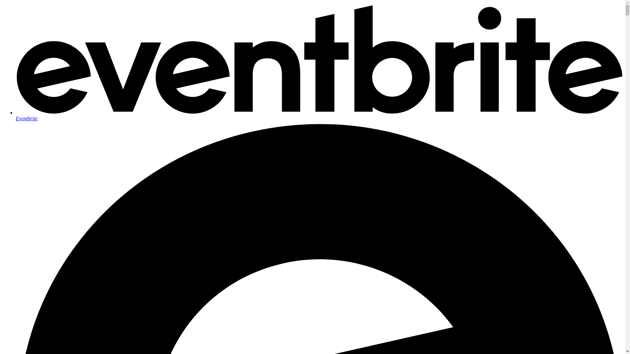 This screenshot has width=630, height=354. I want to click on 'Eventbrite', so click(319, 115).